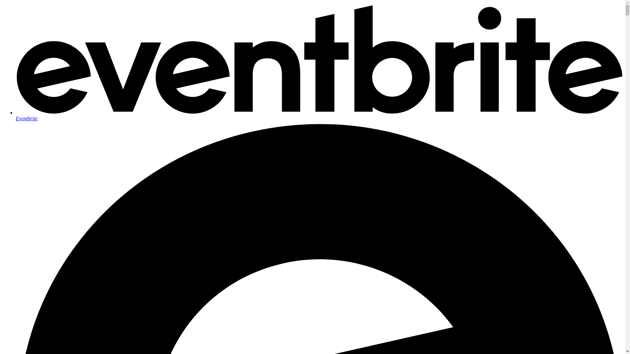 This screenshot has width=630, height=354. I want to click on 'Eventbrite', so click(319, 115).